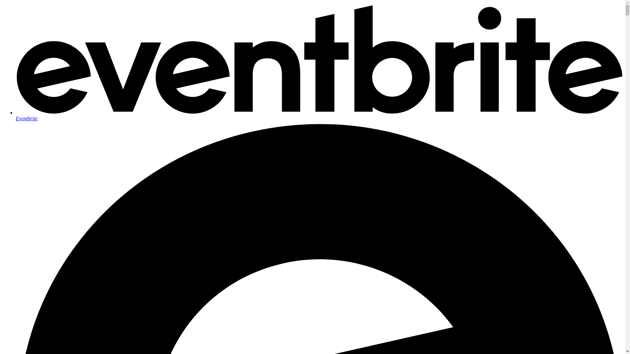 This screenshot has width=630, height=354. I want to click on 'Eventbrite', so click(319, 115).